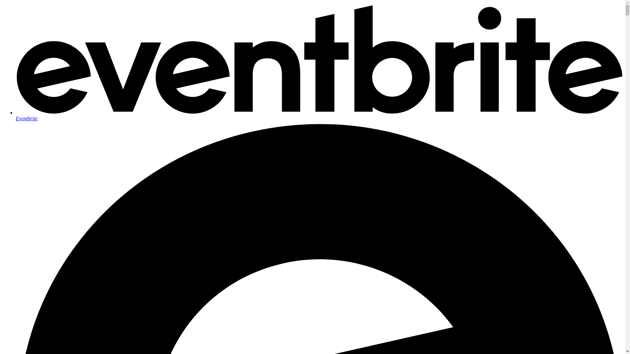 This screenshot has width=630, height=354. I want to click on 'Eventbrite', so click(319, 115).